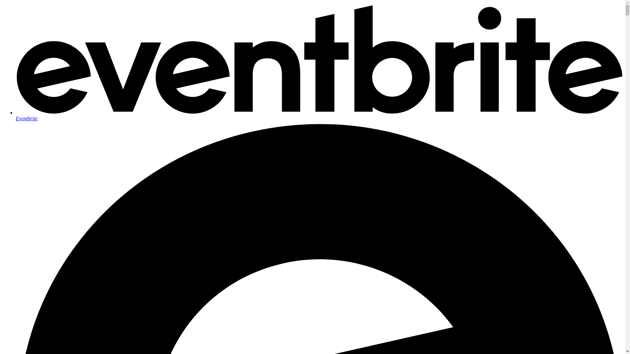 This screenshot has width=630, height=354. I want to click on 'Eventbrite', so click(319, 115).